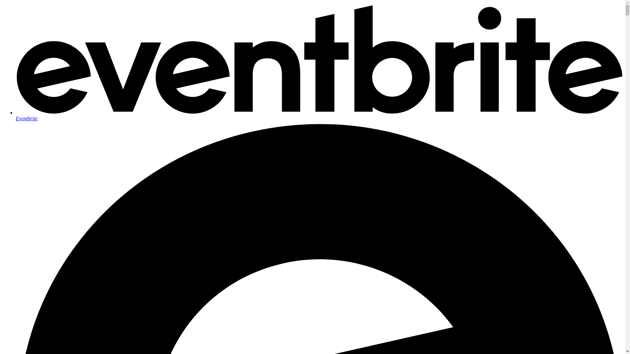 This screenshot has width=630, height=354. I want to click on 'Eventbrite', so click(319, 115).